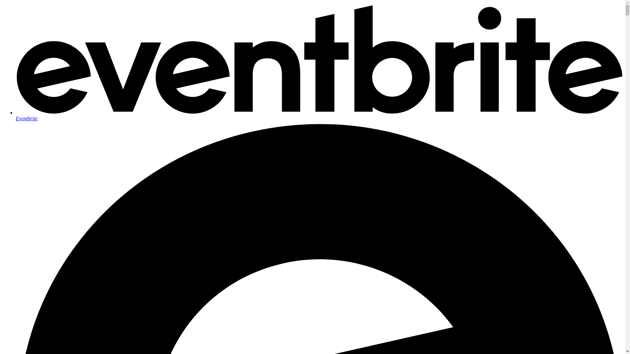 This screenshot has width=630, height=354. I want to click on 'Eventbrite', so click(319, 115).